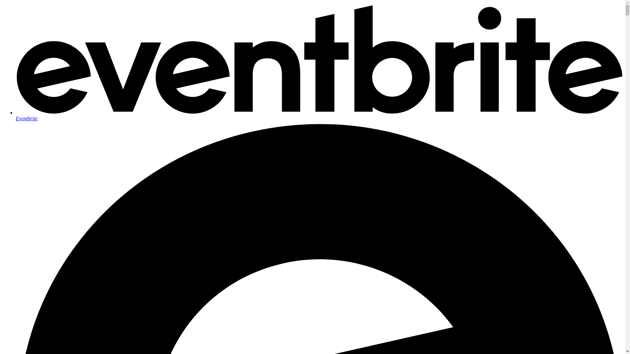 This screenshot has width=630, height=354. I want to click on 'Eventbrite', so click(319, 115).